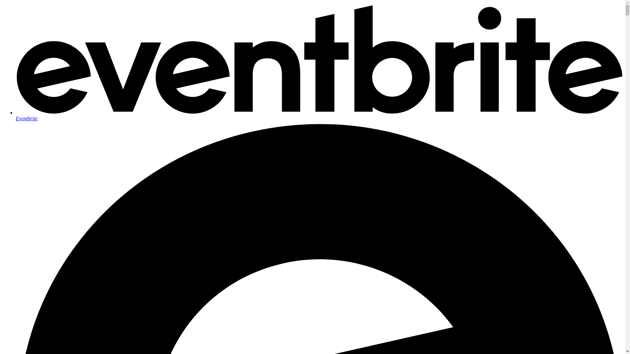 This screenshot has width=630, height=354. I want to click on 'Eventbrite', so click(319, 115).